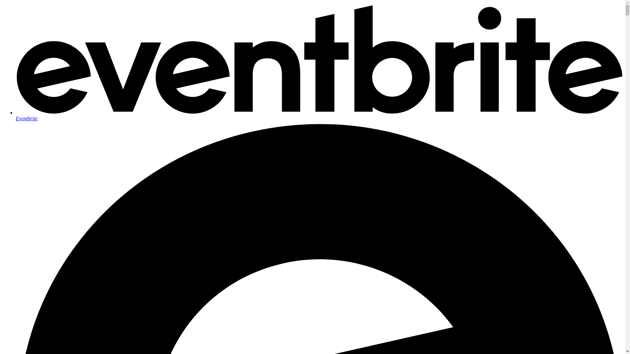 This screenshot has width=630, height=354. I want to click on 'Eventbrite', so click(319, 115).